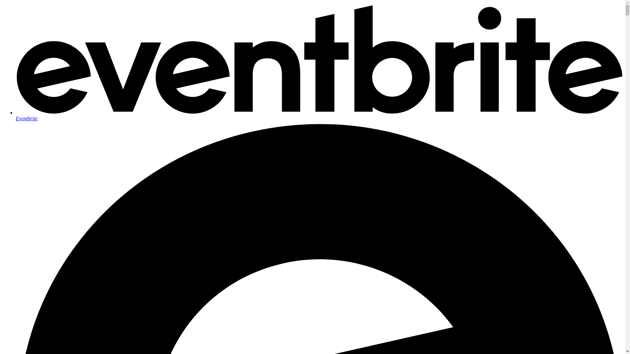 This screenshot has width=630, height=354. I want to click on 'Eventbrite', so click(319, 115).